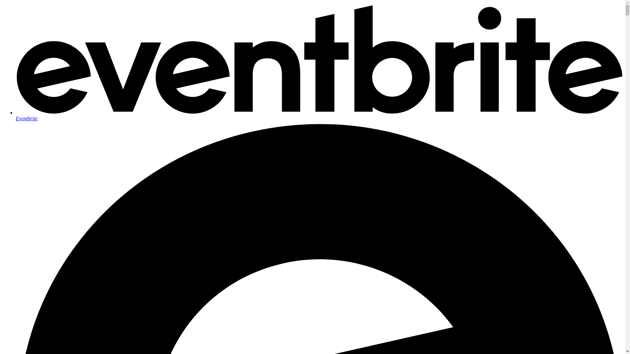 This screenshot has width=630, height=354. I want to click on 'Eventbrite', so click(319, 115).